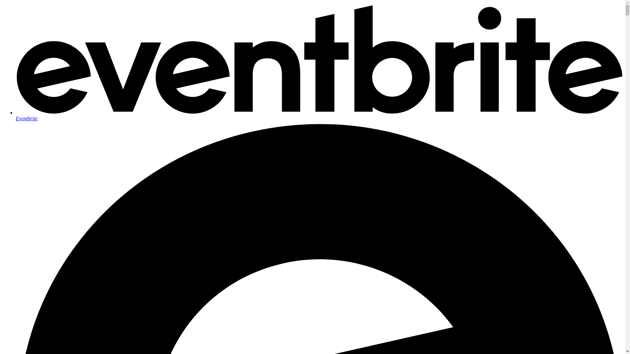 This screenshot has width=630, height=354. I want to click on 'Eventbrite', so click(319, 115).